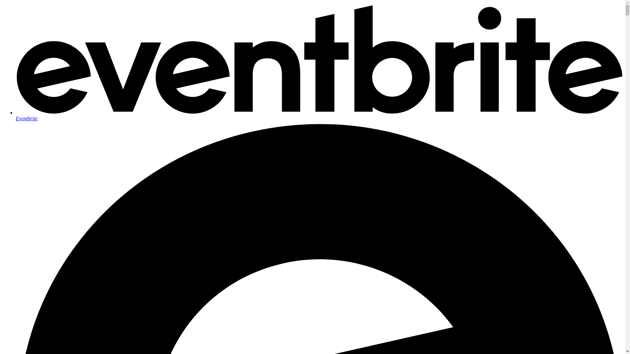 This screenshot has width=630, height=354. I want to click on 'Eventbrite', so click(319, 115).